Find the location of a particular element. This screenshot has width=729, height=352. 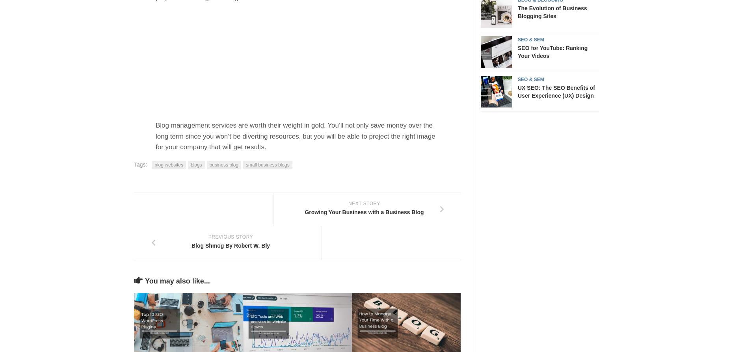

'Blog Shmog By Robert W. Bly' is located at coordinates (230, 246).